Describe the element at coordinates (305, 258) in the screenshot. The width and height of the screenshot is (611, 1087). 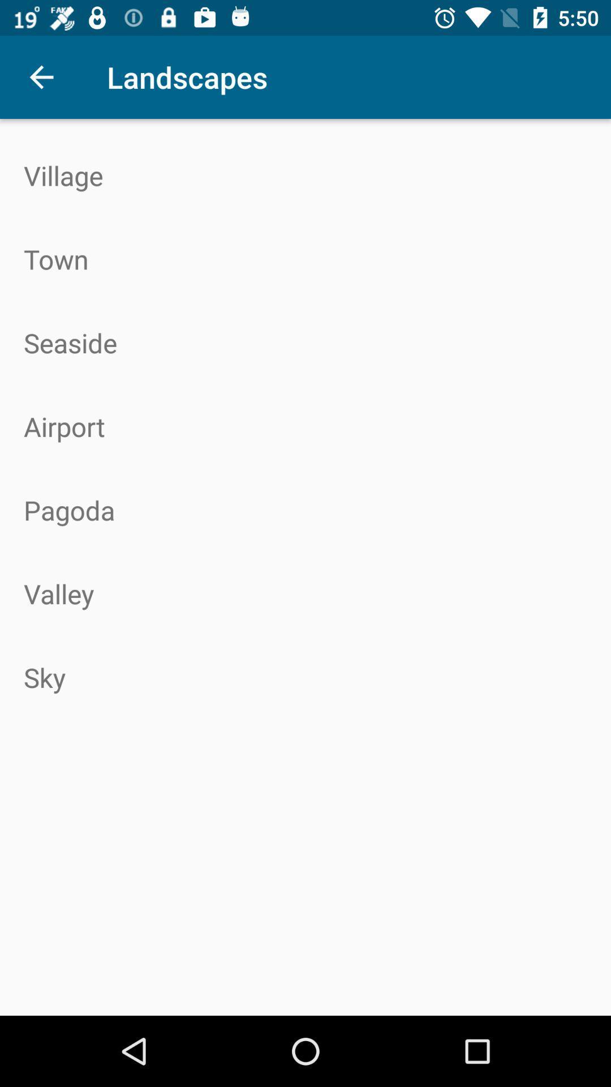
I see `the icon above seaside item` at that location.